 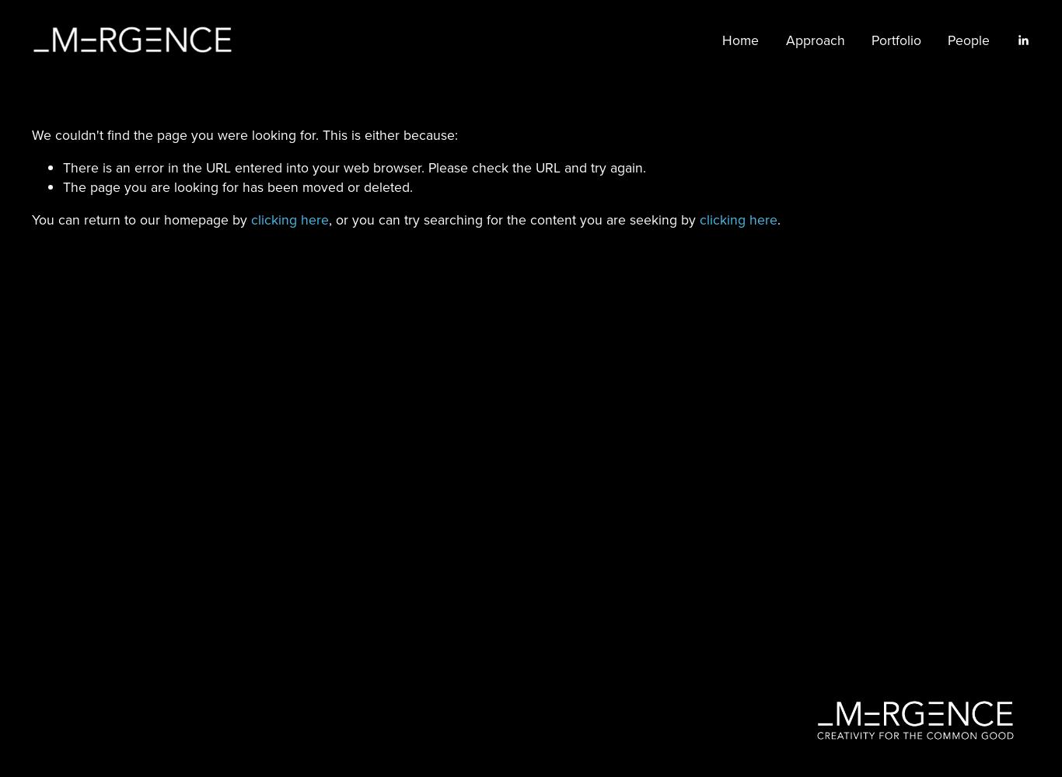 What do you see at coordinates (139, 219) in the screenshot?
I see `'You can return to our homepage by'` at bounding box center [139, 219].